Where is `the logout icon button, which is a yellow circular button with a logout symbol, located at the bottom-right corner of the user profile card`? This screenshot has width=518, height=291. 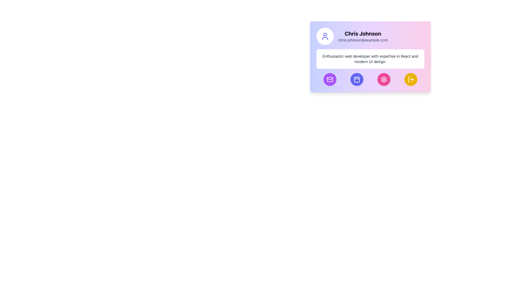
the logout icon button, which is a yellow circular button with a logout symbol, located at the bottom-right corner of the user profile card is located at coordinates (410, 79).